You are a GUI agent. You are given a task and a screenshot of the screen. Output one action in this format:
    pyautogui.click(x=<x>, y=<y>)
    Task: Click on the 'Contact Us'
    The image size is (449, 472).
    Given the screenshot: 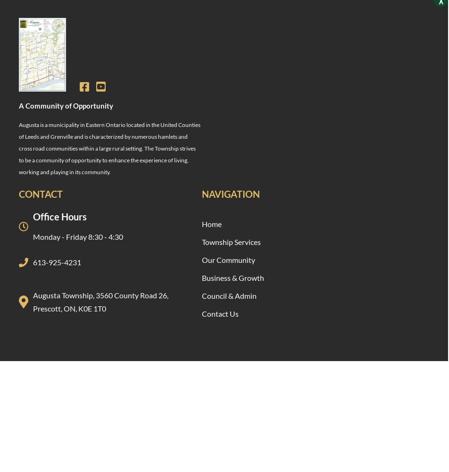 What is the action you would take?
    pyautogui.click(x=220, y=313)
    